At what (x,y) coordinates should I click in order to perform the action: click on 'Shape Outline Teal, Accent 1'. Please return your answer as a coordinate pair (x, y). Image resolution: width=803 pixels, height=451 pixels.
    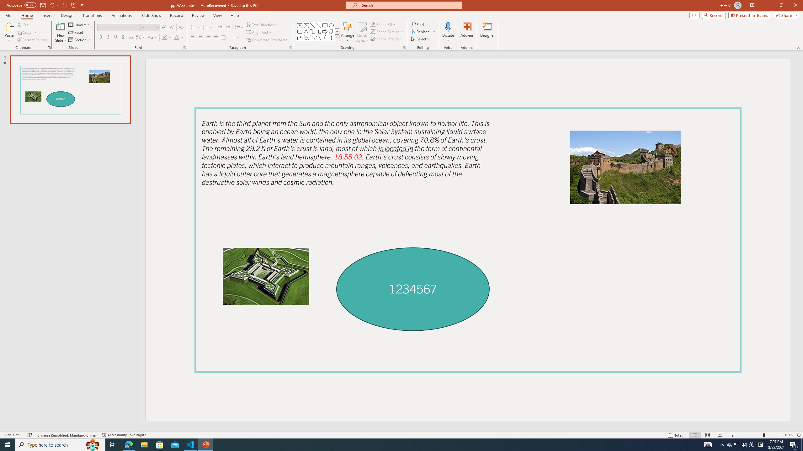
    Looking at the image, I should click on (373, 31).